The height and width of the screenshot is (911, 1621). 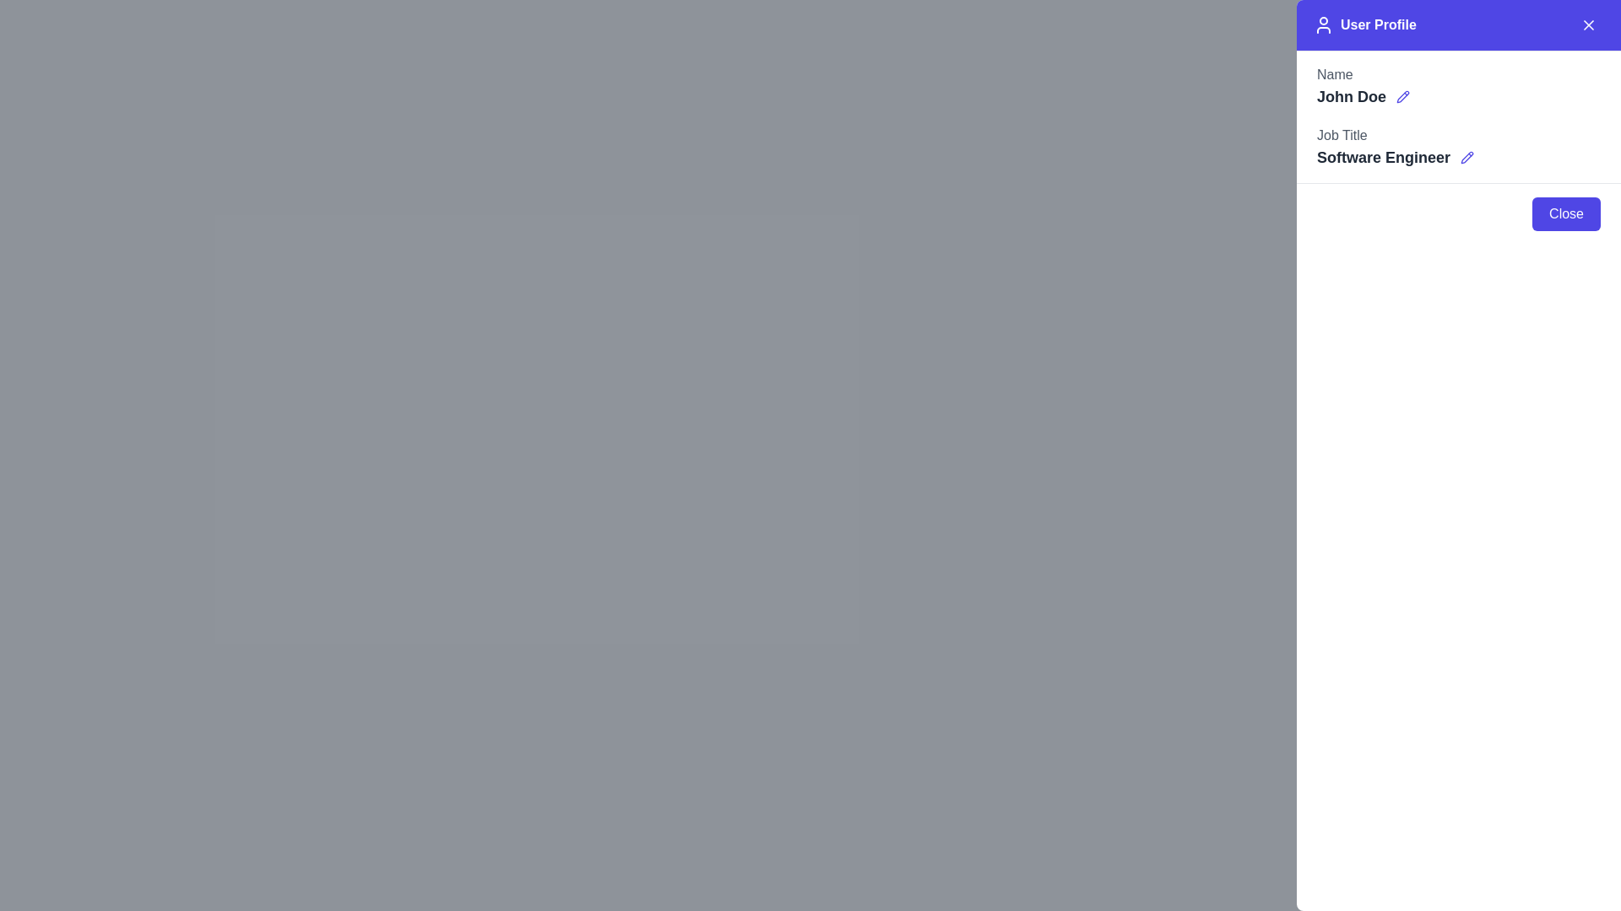 I want to click on the 'X' icon button located at the top-right corner of the purple header bar labeled 'User Profile', so click(x=1587, y=25).